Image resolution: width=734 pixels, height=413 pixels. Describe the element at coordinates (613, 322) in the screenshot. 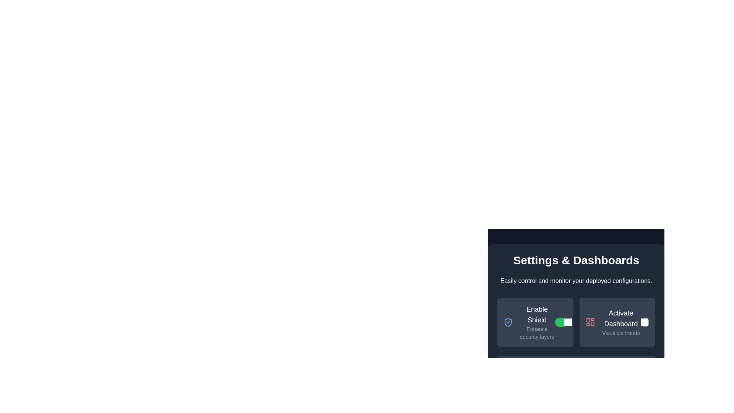

I see `the 'Activate Dashboard' button, which features two lines of text and an icon of interconnected squares styled in red, located as the second option in a row of cards` at that location.